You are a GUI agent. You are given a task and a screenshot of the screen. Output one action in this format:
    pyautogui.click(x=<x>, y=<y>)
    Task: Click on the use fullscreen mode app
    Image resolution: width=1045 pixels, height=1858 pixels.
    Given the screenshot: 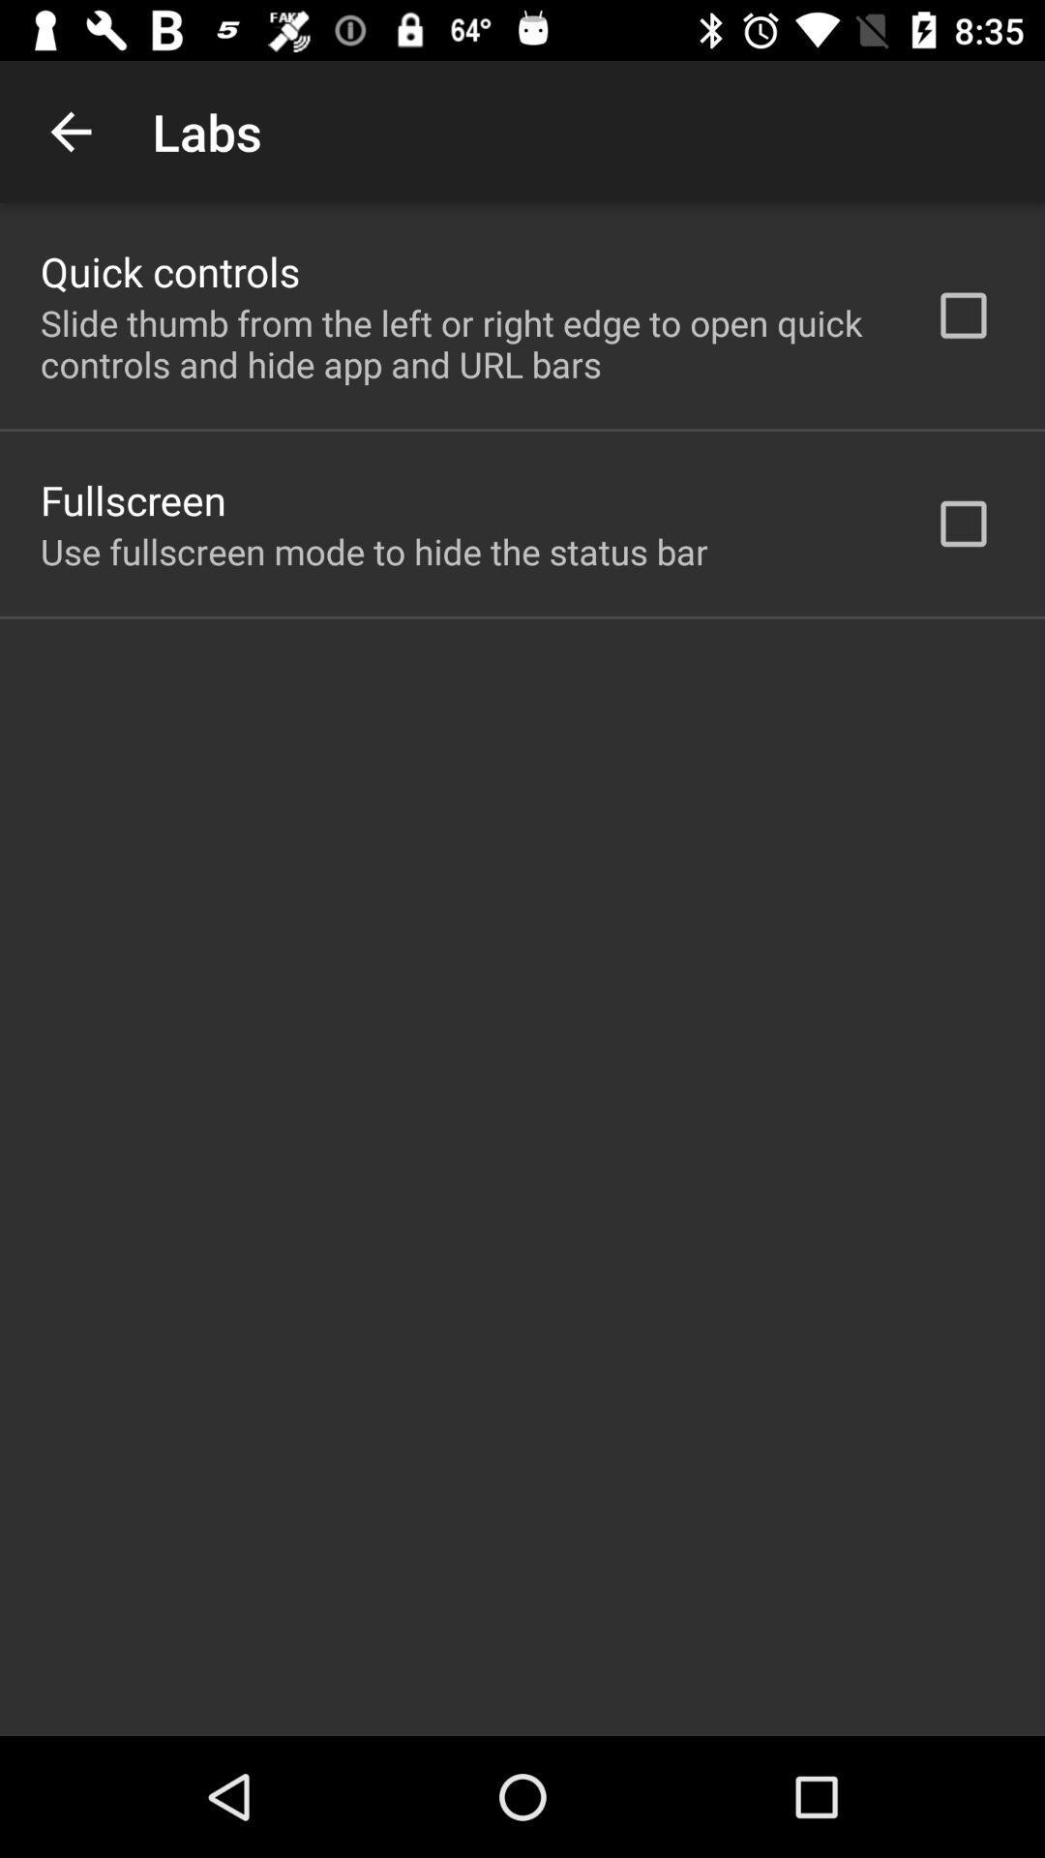 What is the action you would take?
    pyautogui.click(x=373, y=551)
    